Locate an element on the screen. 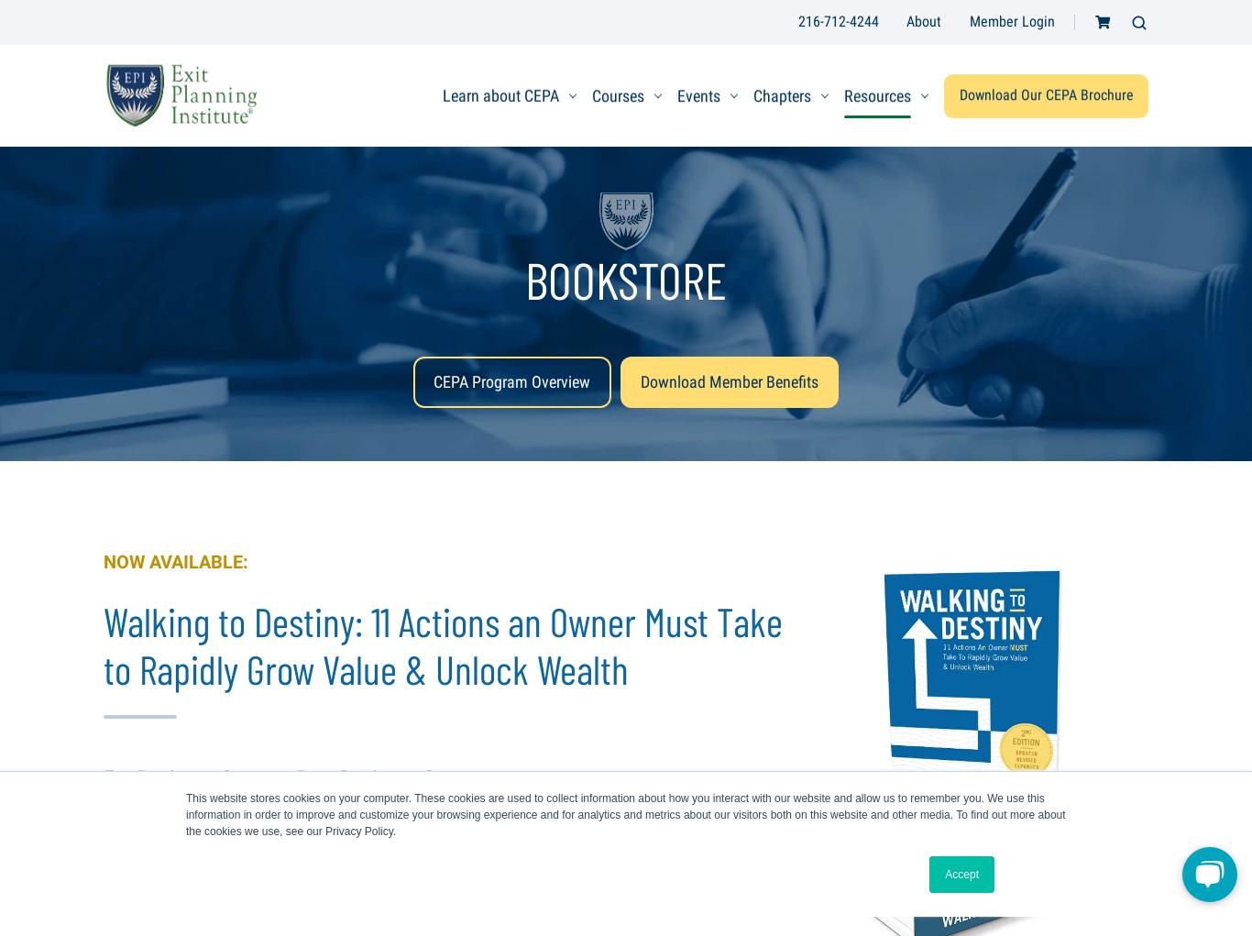  'Courses' is located at coordinates (617, 94).